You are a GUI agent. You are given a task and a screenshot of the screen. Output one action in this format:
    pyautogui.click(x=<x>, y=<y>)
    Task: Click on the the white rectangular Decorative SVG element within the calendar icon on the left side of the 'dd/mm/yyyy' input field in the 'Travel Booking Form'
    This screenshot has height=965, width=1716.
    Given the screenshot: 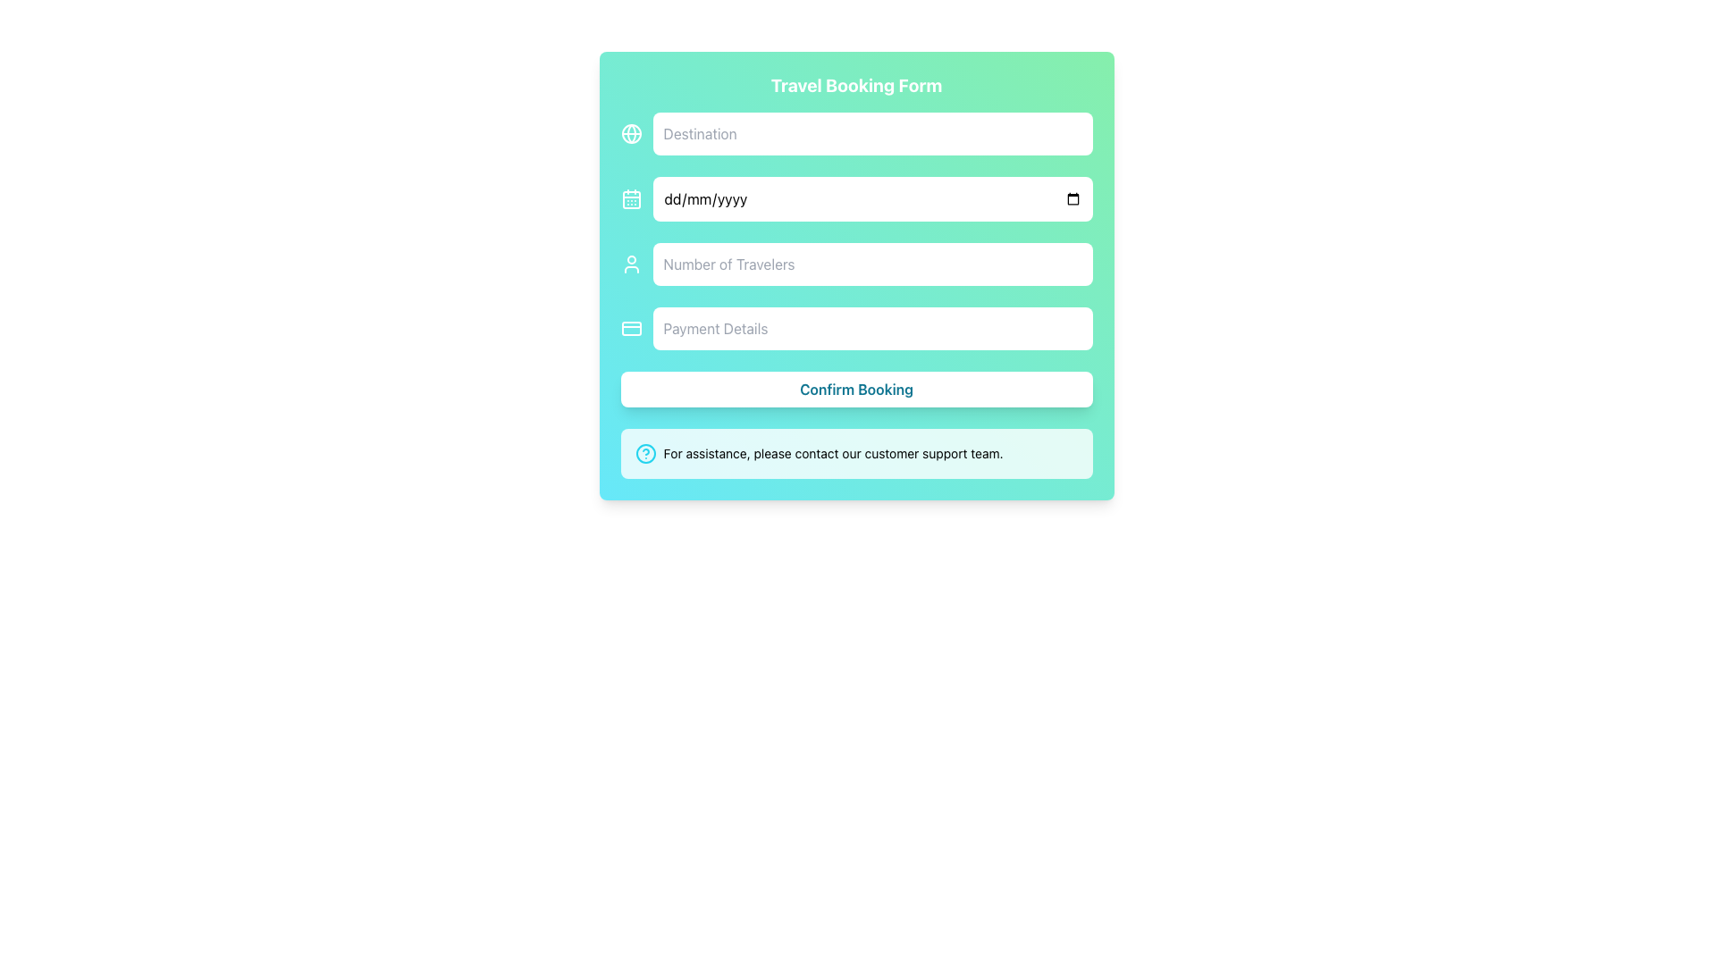 What is the action you would take?
    pyautogui.click(x=631, y=199)
    